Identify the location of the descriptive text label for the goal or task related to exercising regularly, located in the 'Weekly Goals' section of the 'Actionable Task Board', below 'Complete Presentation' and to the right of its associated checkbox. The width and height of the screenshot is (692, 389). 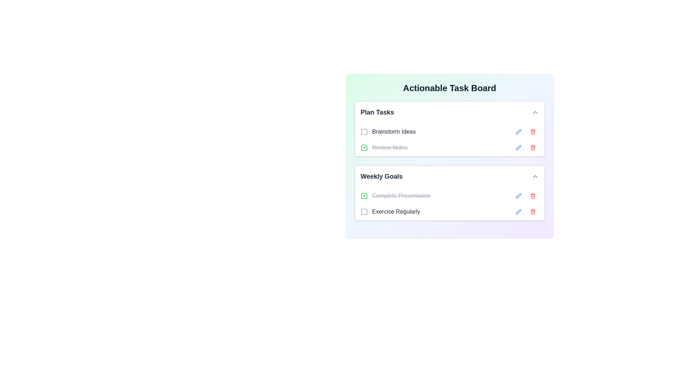
(390, 211).